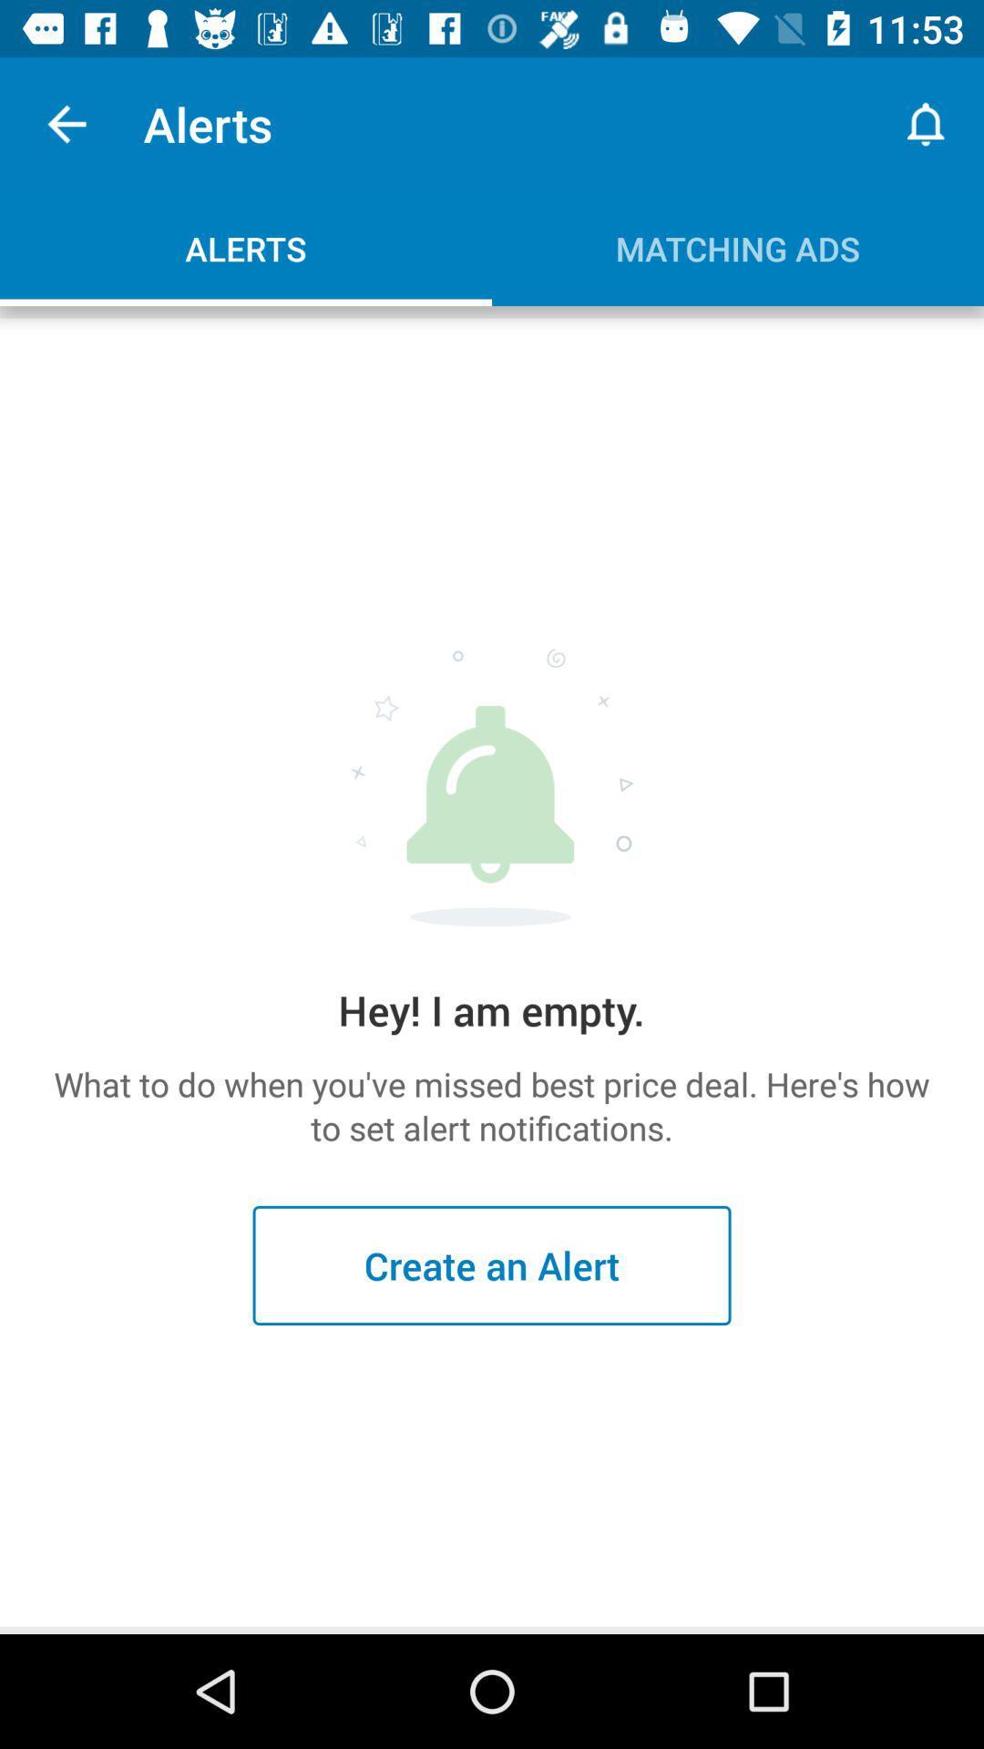 This screenshot has width=984, height=1749. I want to click on the item above alerts item, so click(66, 123).